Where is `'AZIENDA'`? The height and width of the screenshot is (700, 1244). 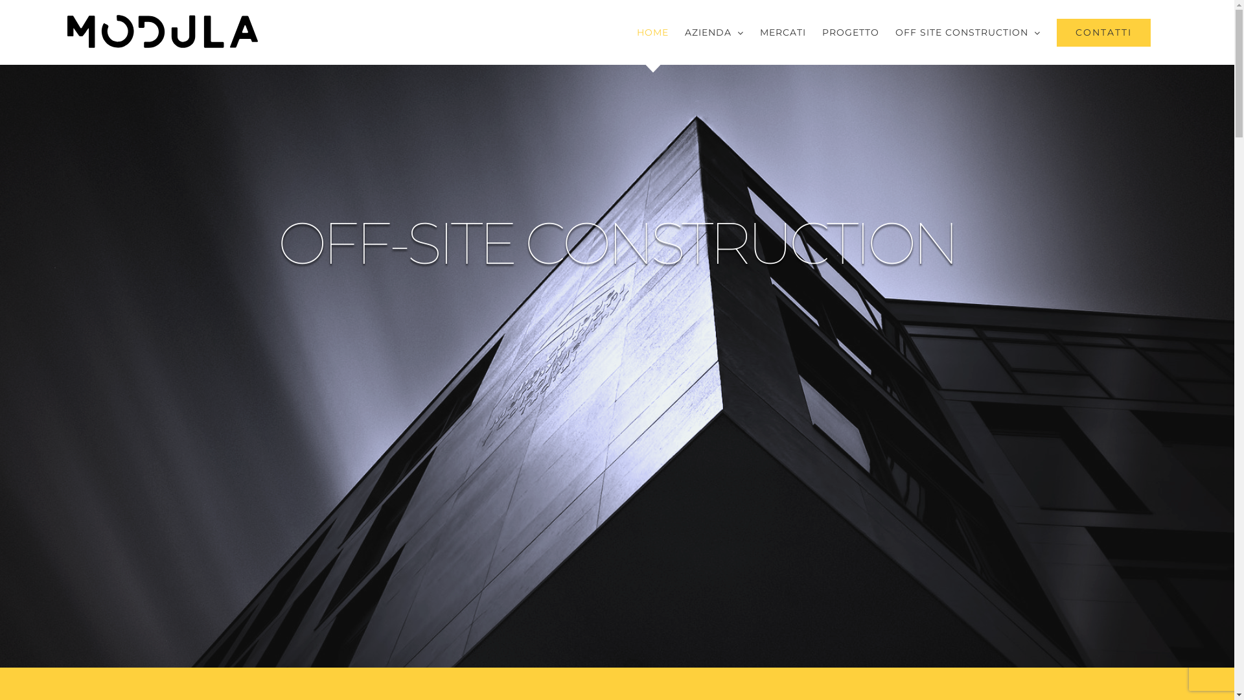 'AZIENDA' is located at coordinates (713, 32).